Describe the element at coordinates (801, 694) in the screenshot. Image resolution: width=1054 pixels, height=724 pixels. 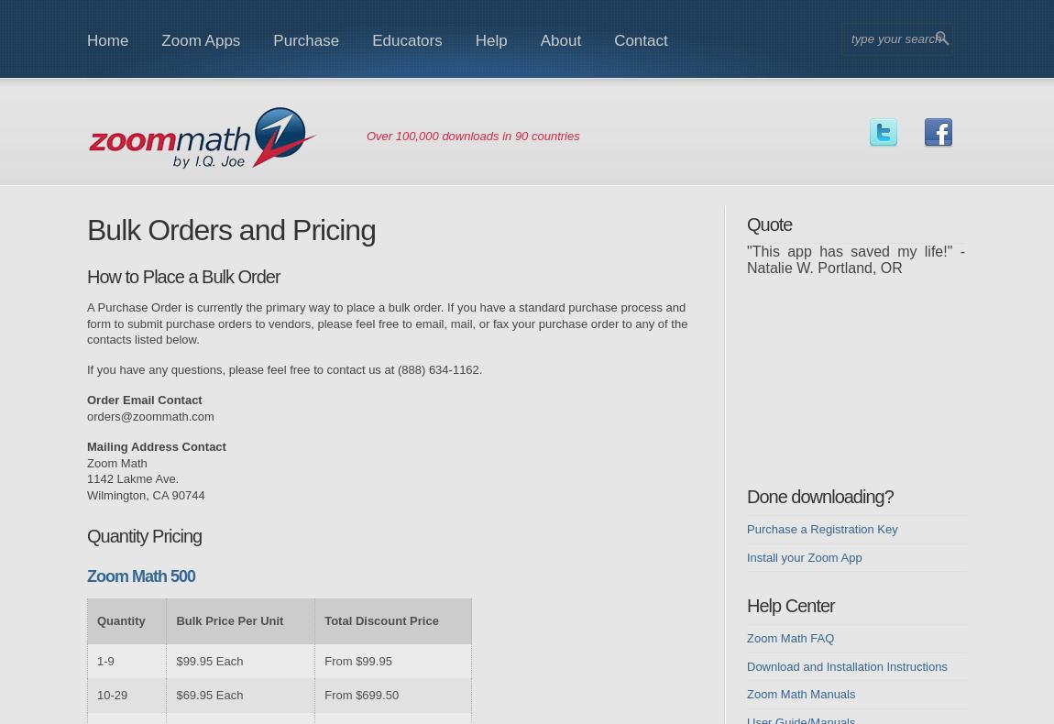
I see `'Zoom Math Manuals'` at that location.